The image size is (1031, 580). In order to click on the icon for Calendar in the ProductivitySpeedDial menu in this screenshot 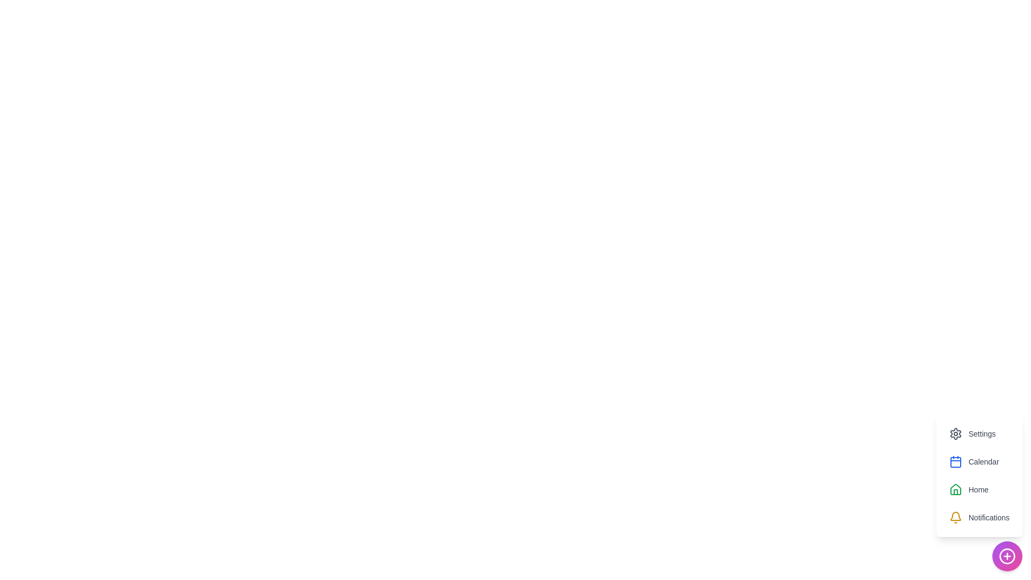, I will do `click(955, 461)`.